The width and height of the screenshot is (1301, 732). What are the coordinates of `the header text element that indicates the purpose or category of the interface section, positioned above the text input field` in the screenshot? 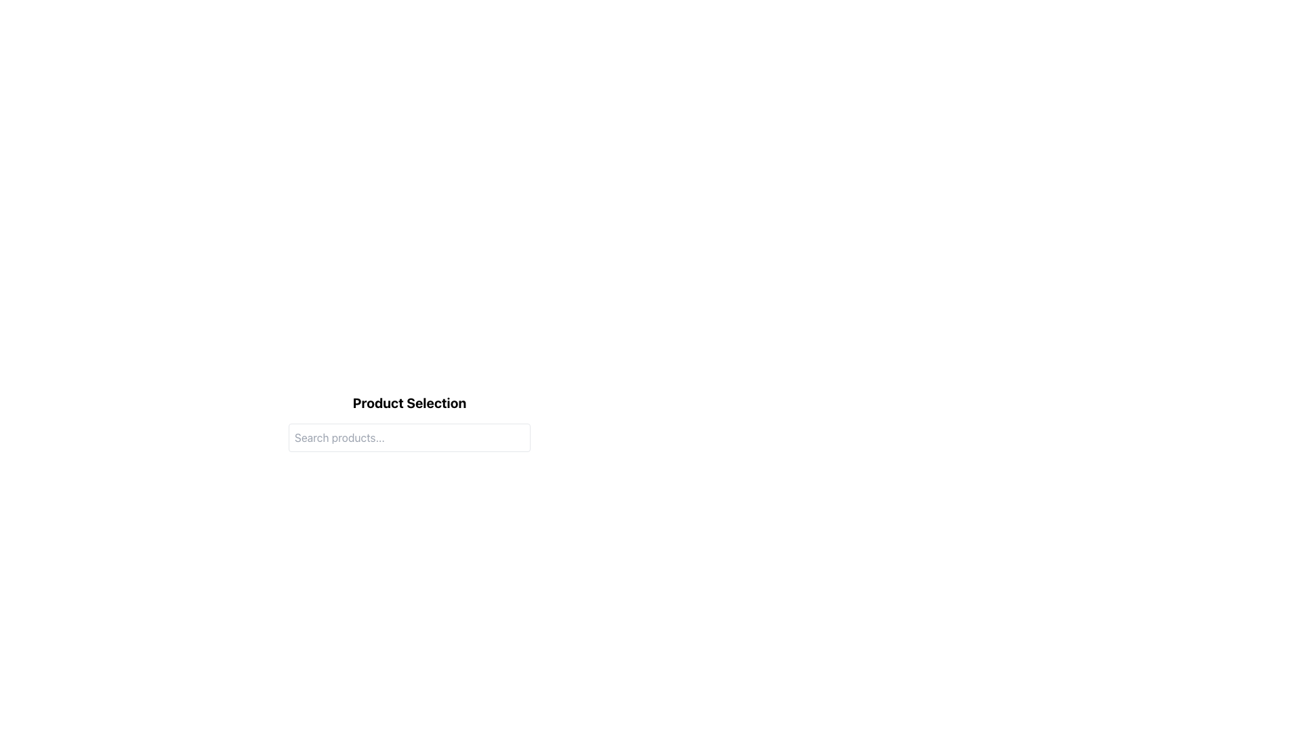 It's located at (409, 402).